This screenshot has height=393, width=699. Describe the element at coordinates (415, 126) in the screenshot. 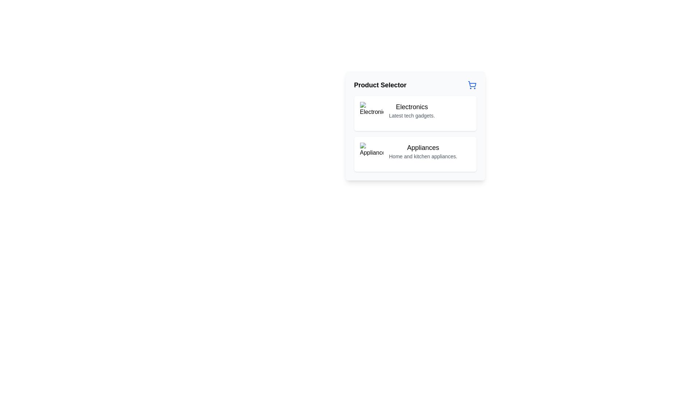

I see `the Interactive card for 'Electronics', which is the first card within the 'Product Selector' area, displaying 'Latest tech gadgets'` at that location.